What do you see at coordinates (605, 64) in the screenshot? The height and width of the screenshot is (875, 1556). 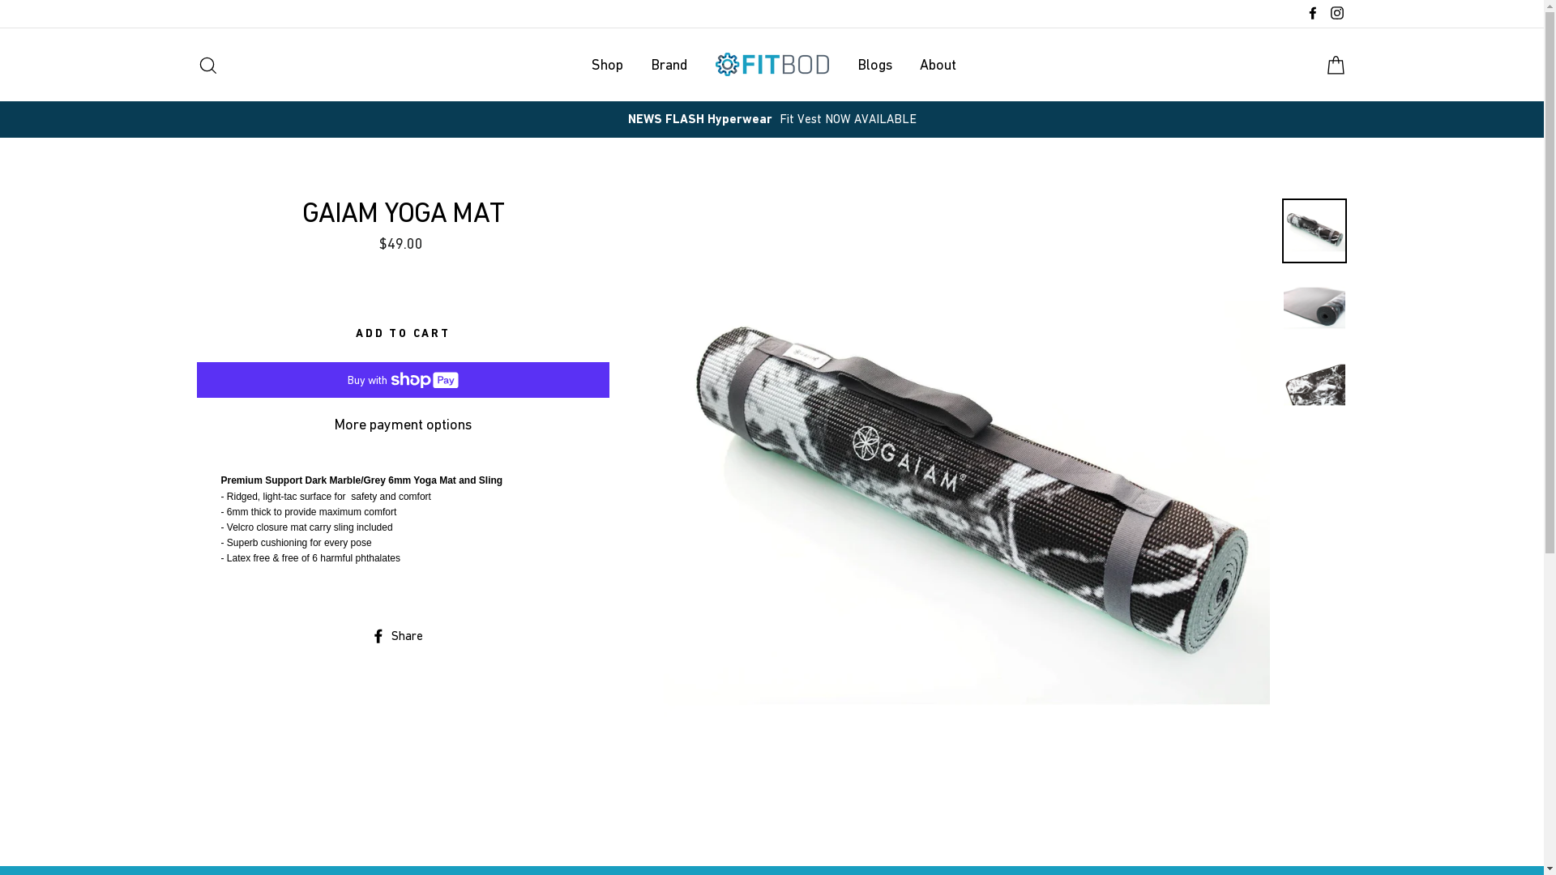 I see `'Shop'` at bounding box center [605, 64].